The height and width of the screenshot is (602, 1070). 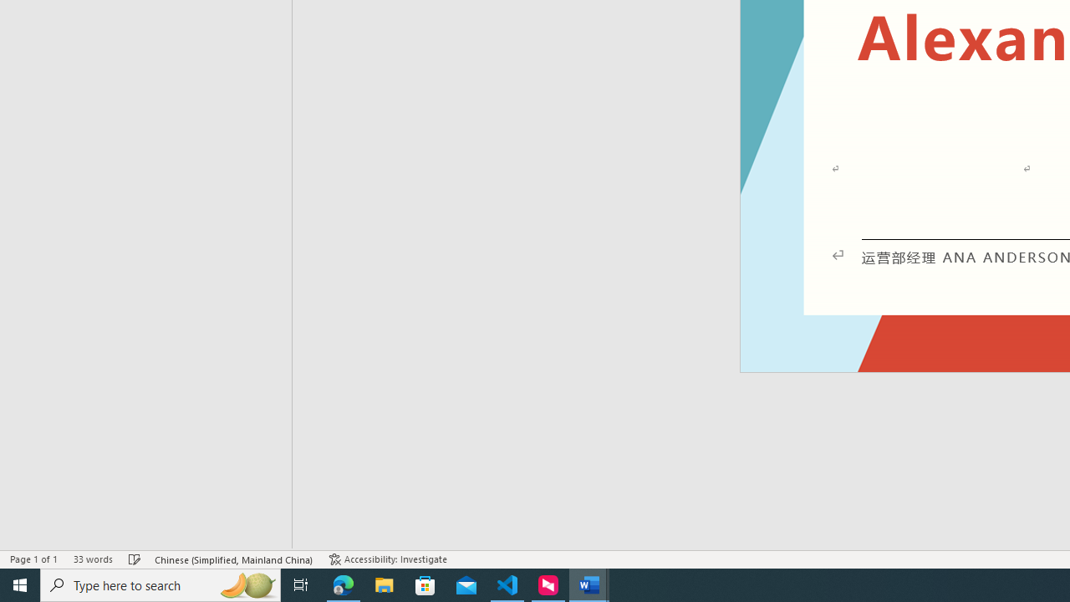 I want to click on 'Spelling and Grammar Check Checking', so click(x=135, y=559).